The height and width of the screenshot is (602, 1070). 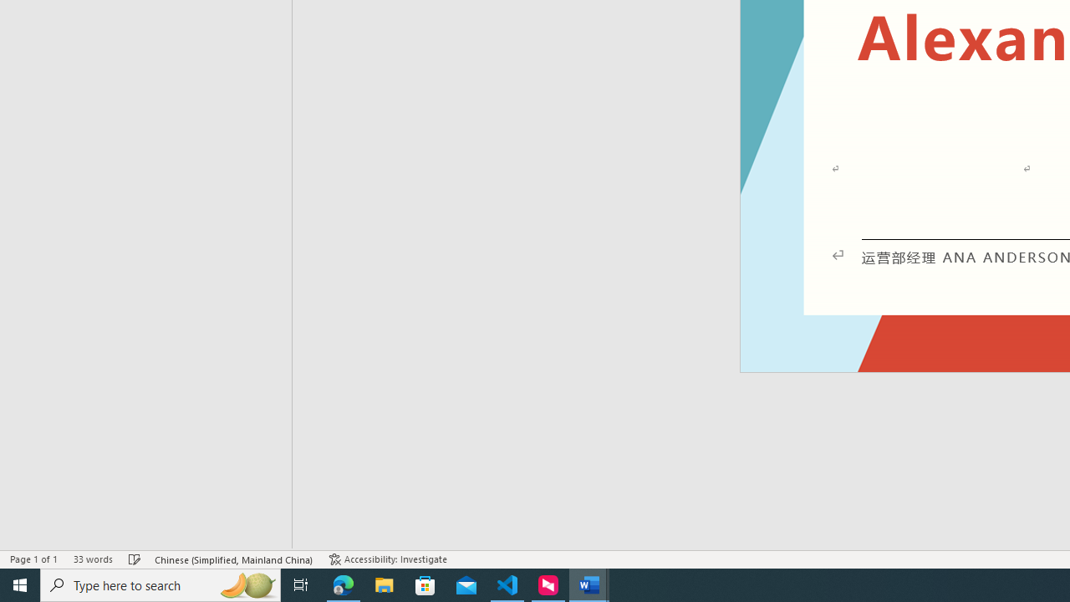 I want to click on 'Spelling and Grammar Check Checking', so click(x=135, y=559).